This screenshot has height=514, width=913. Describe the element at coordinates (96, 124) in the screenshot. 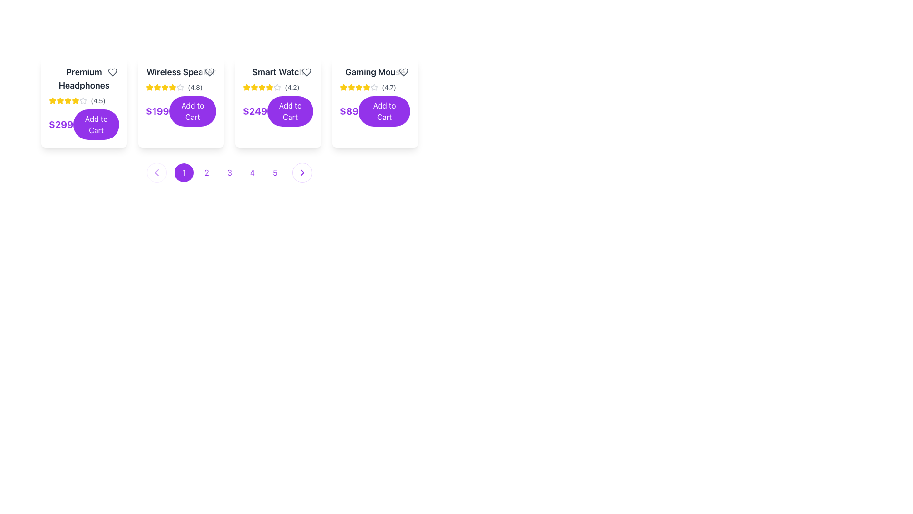

I see `the rounded purple button with the text 'Add to Cart'` at that location.